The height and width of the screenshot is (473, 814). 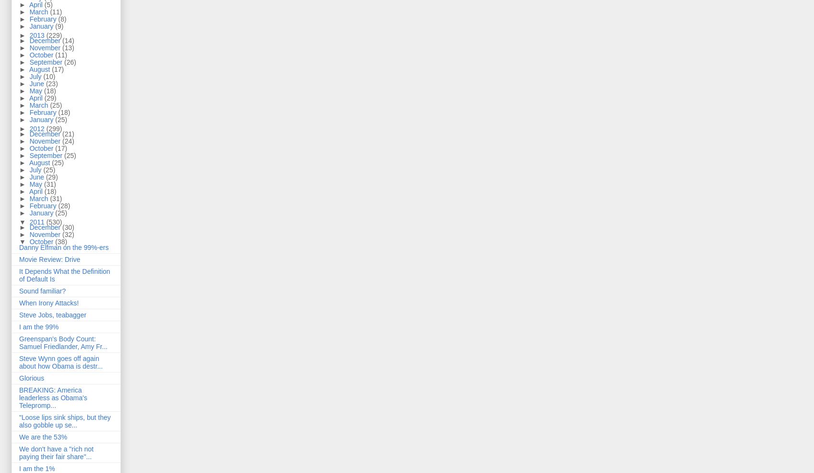 I want to click on 'Danny Elfman on the 99%-ers', so click(x=63, y=247).